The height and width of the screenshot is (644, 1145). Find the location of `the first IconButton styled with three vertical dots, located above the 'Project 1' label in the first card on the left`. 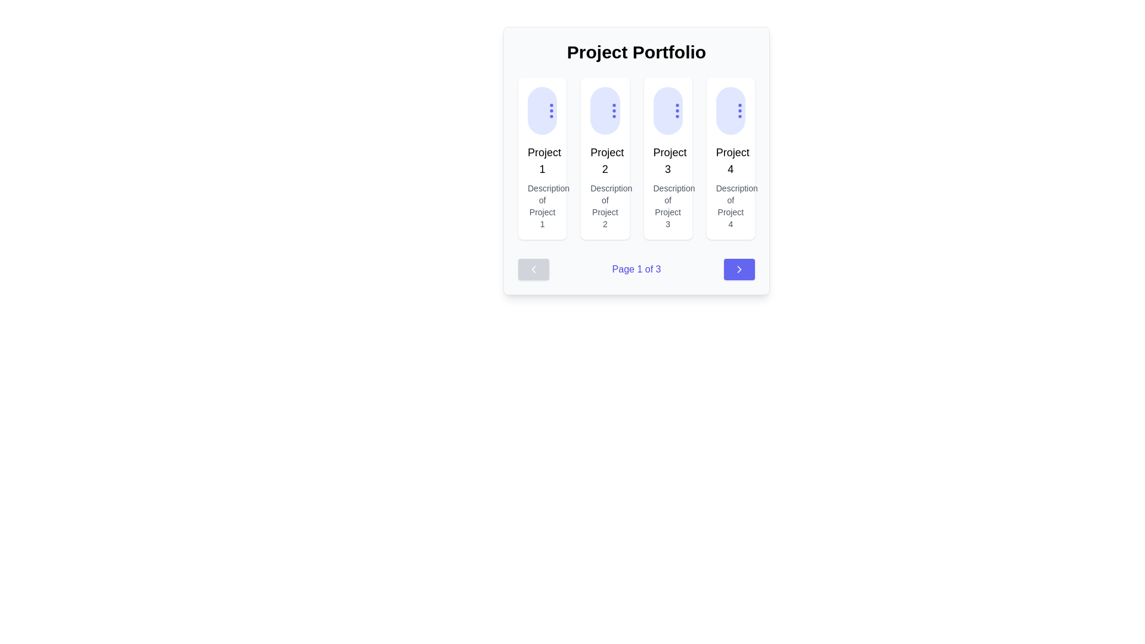

the first IconButton styled with three vertical dots, located above the 'Project 1' label in the first card on the left is located at coordinates (551, 110).